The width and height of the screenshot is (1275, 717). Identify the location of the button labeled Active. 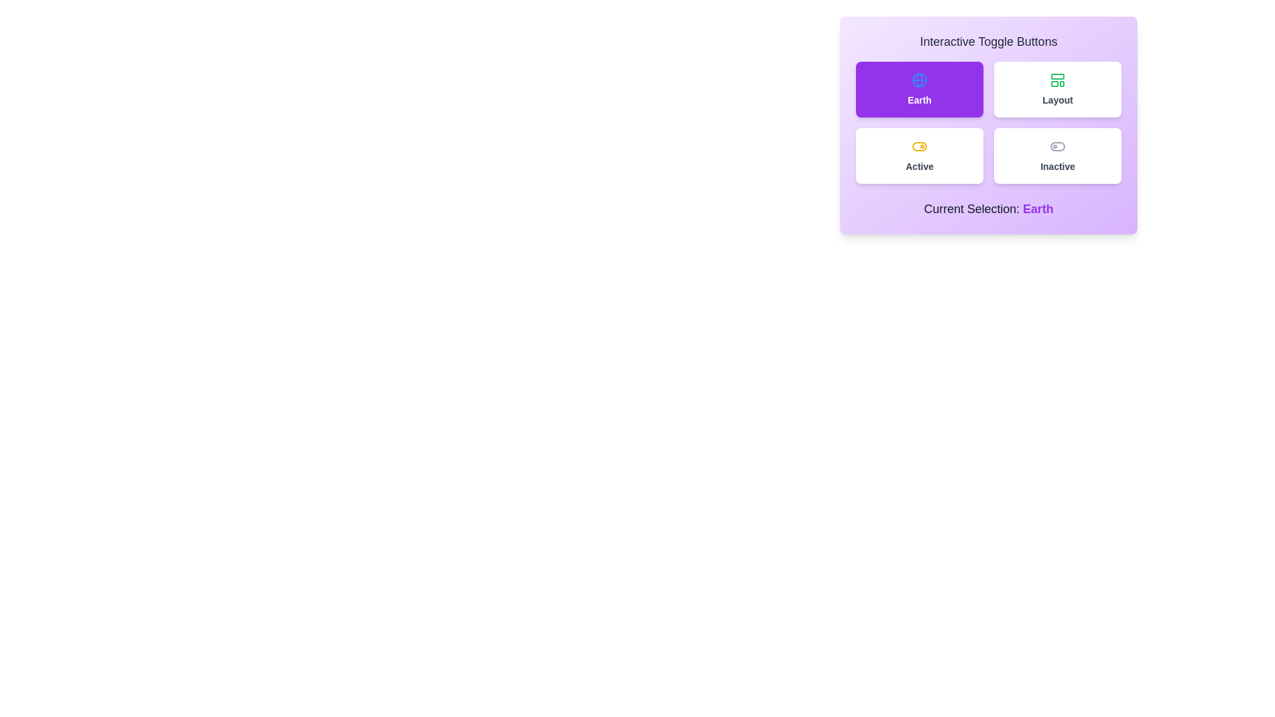
(919, 155).